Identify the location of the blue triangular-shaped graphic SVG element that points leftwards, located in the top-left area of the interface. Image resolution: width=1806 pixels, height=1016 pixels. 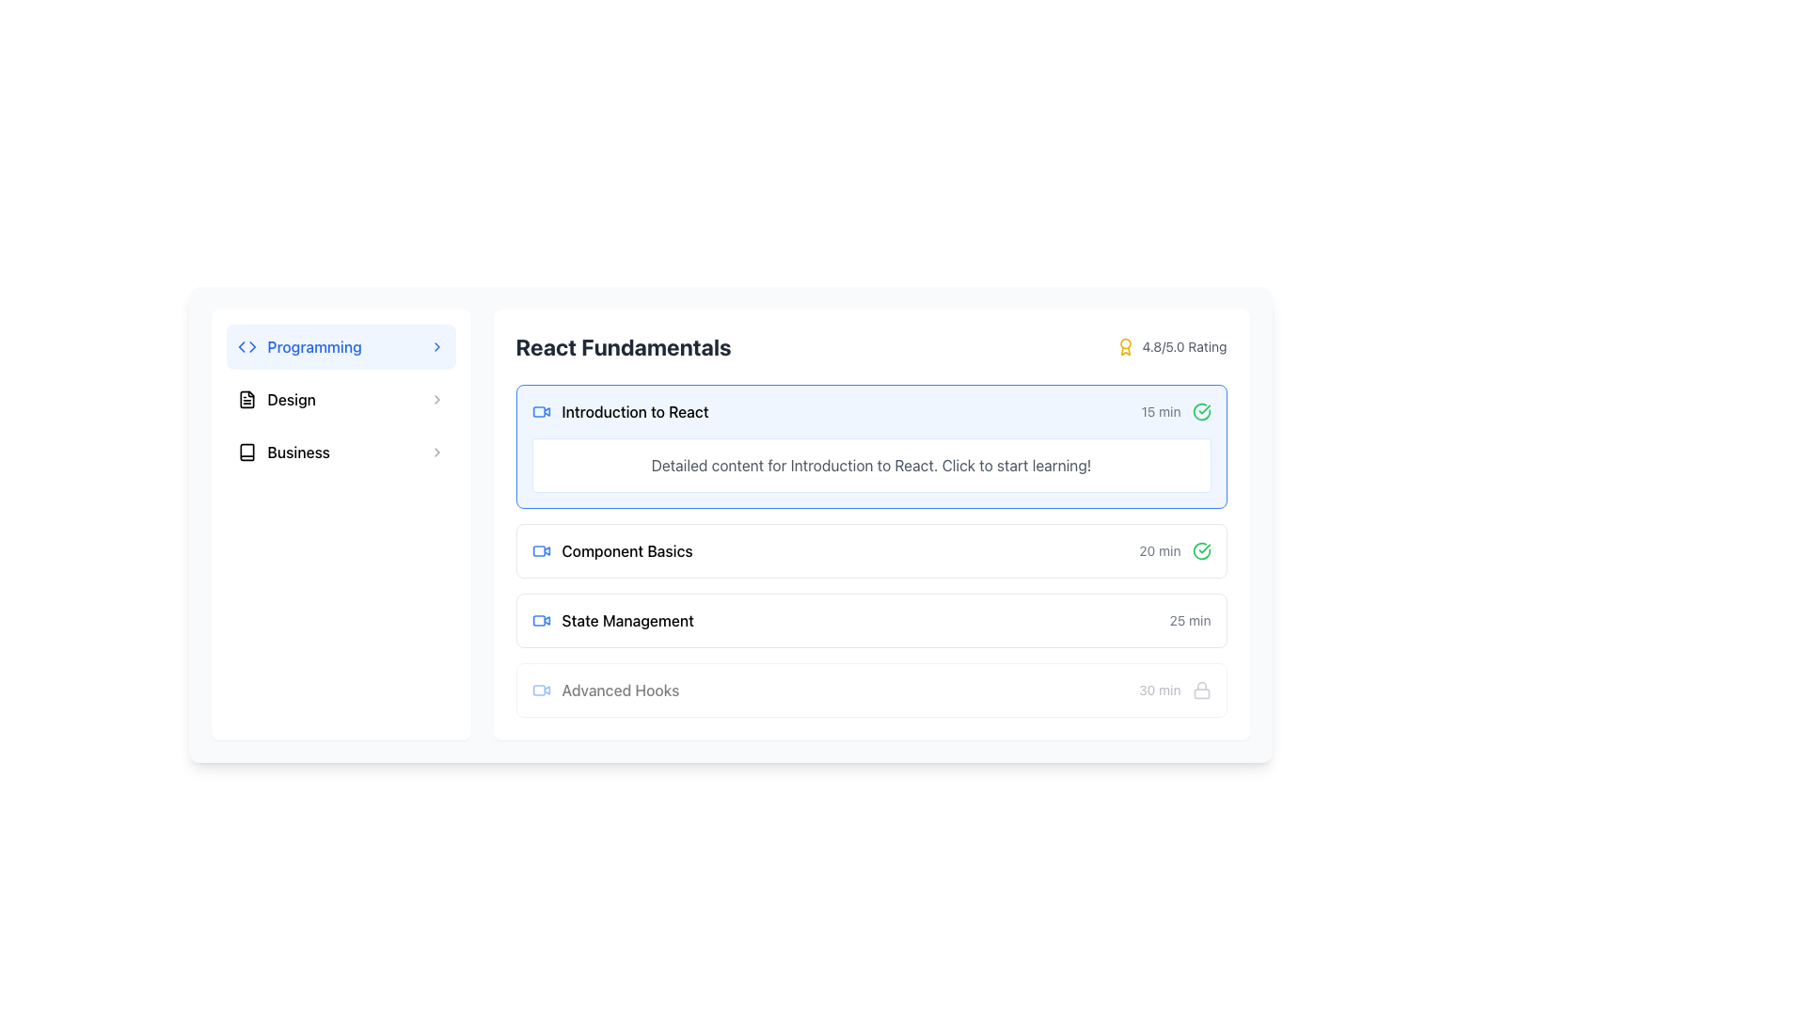
(240, 347).